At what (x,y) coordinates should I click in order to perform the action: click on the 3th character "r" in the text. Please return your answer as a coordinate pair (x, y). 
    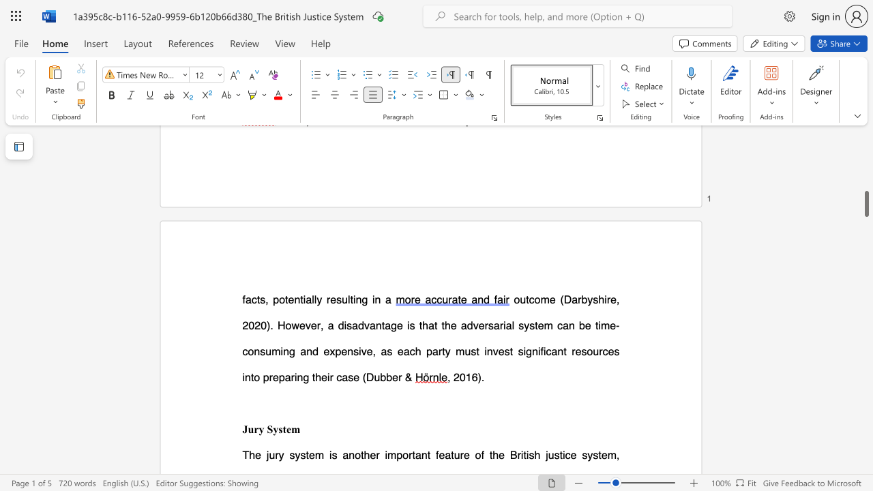
    Looking at the image, I should click on (501, 325).